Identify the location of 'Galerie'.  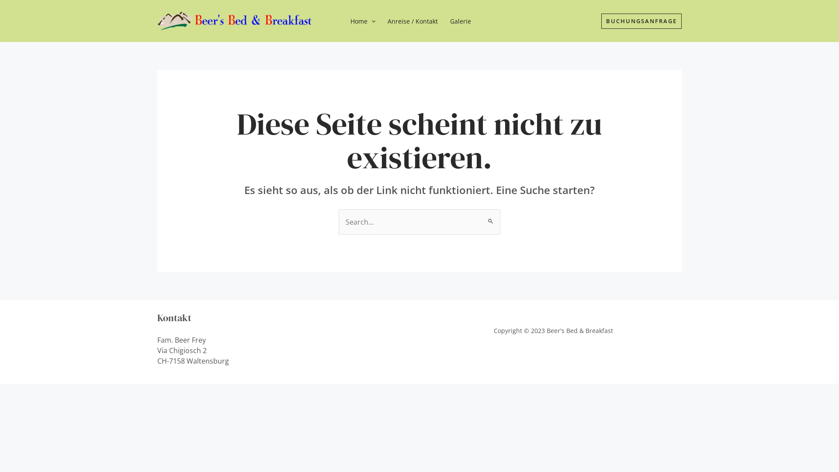
(460, 21).